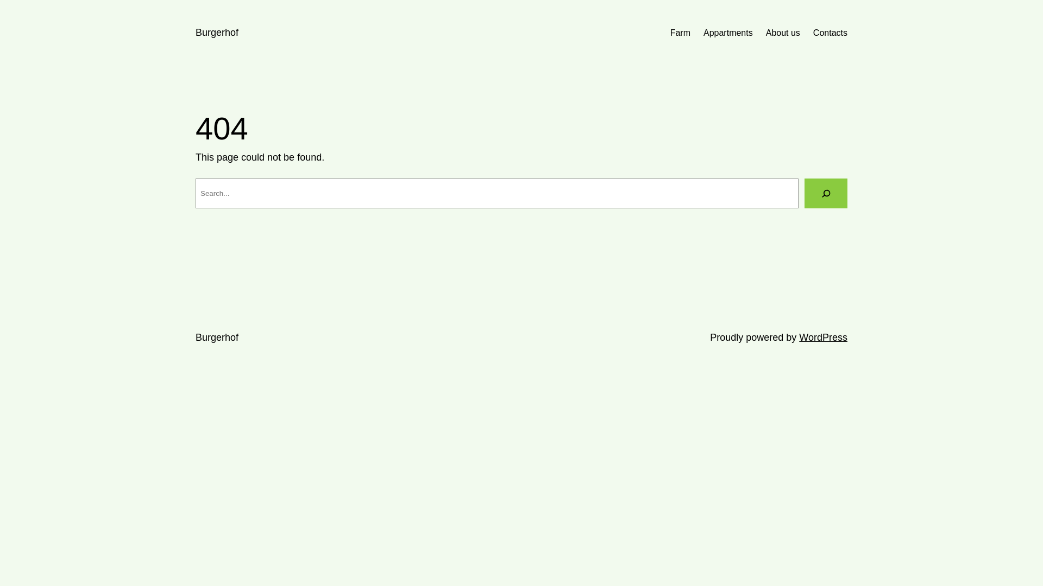 This screenshot has width=1043, height=586. I want to click on 'Farm', so click(680, 33).